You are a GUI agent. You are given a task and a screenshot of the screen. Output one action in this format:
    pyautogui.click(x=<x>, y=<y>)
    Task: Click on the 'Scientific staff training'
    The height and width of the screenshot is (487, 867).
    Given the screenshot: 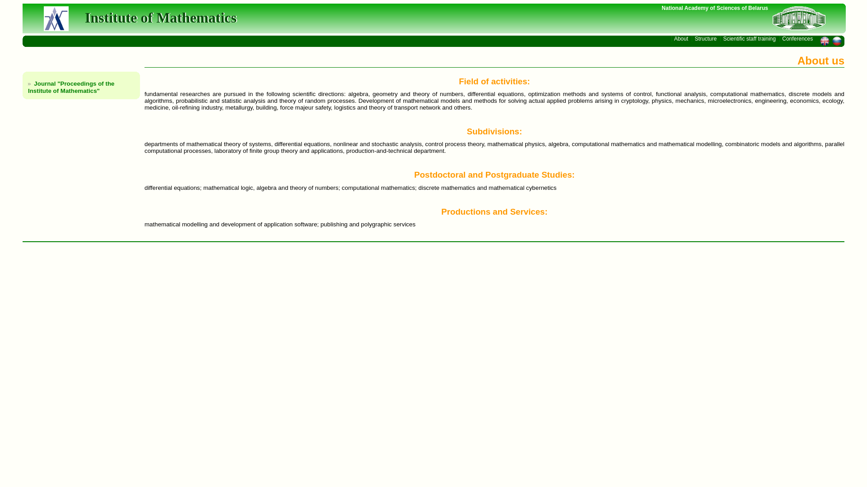 What is the action you would take?
    pyautogui.click(x=750, y=38)
    